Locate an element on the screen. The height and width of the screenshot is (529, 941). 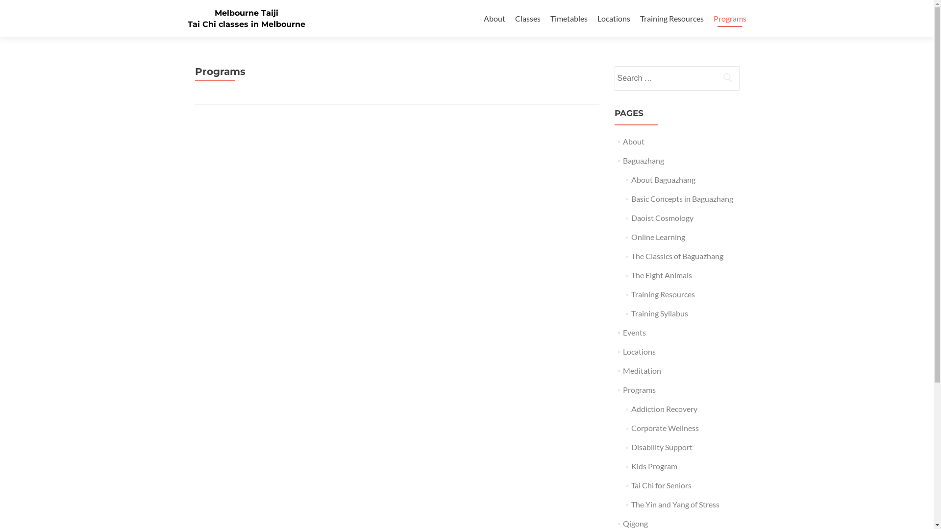
'Disability Support' is located at coordinates (631, 447).